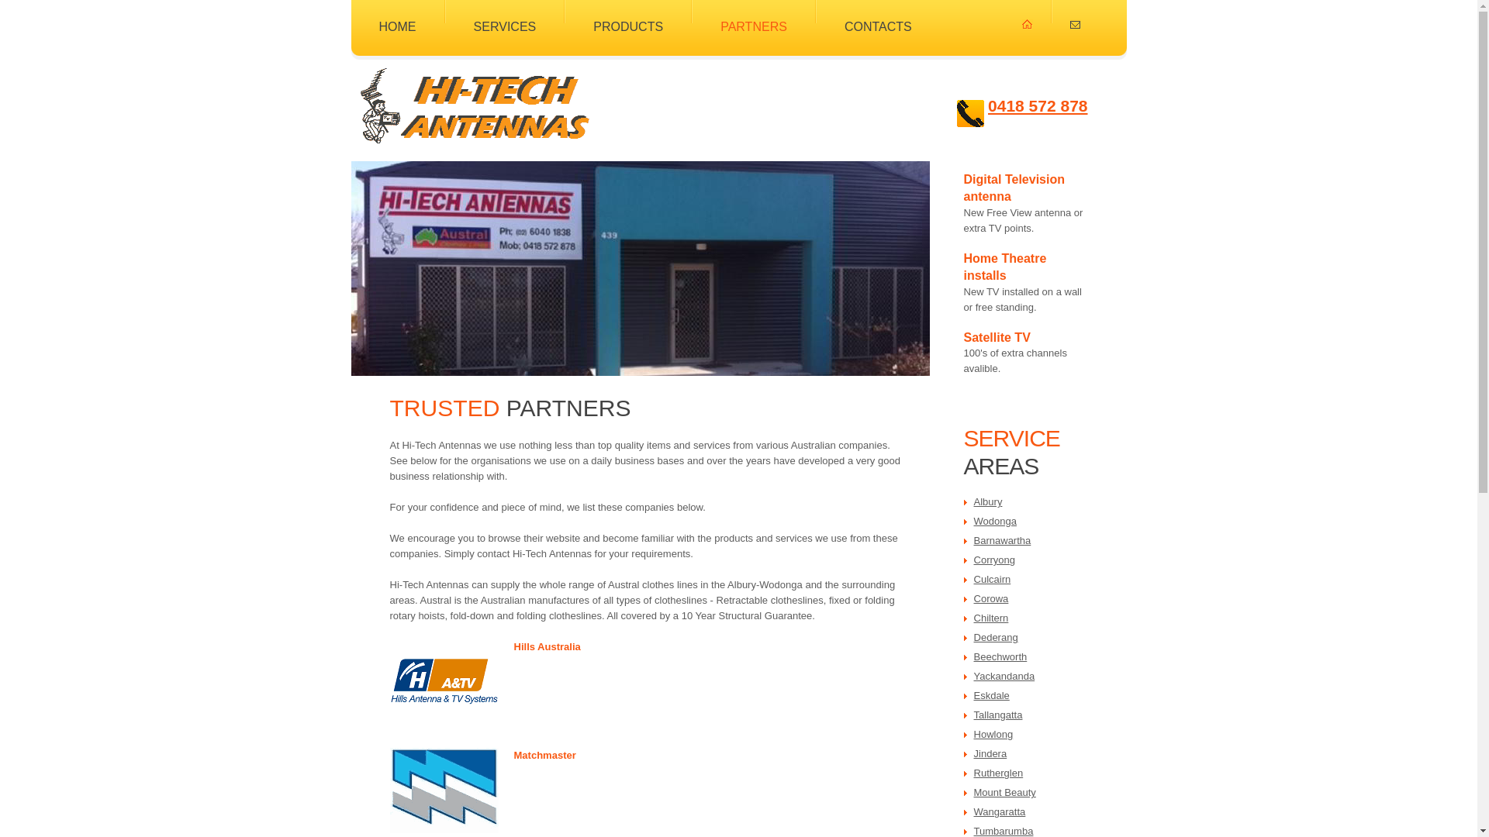  I want to click on 'Wodonga', so click(995, 521).